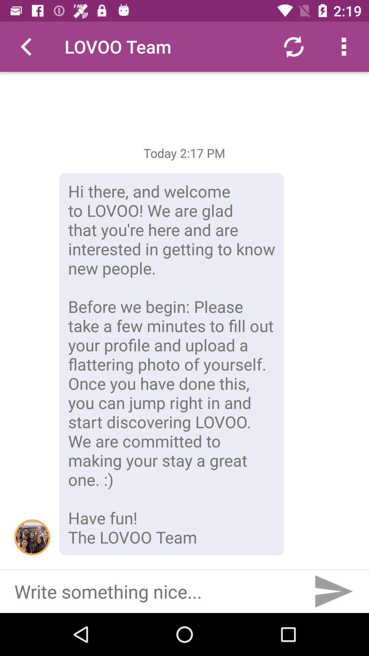 The image size is (369, 656). Describe the element at coordinates (32, 537) in the screenshot. I see `friend` at that location.